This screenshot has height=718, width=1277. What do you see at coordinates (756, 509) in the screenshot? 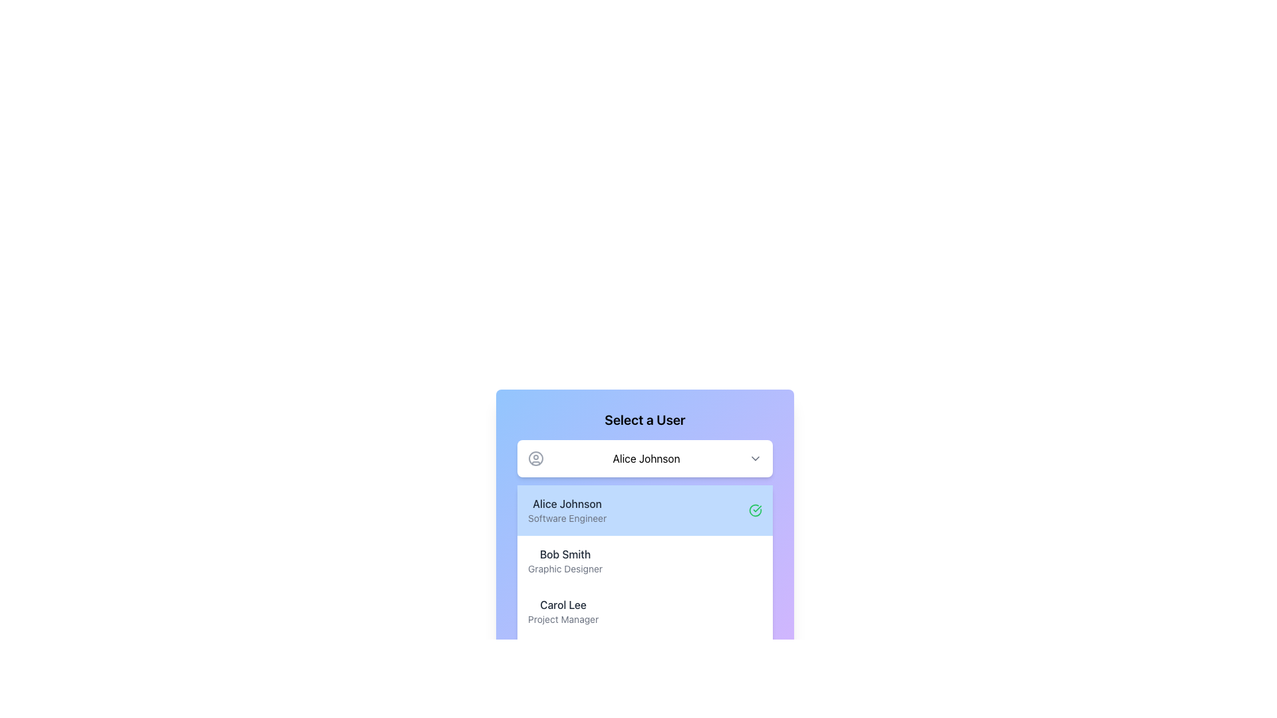
I see `the green circular icon with a checkmark inside, located to the right of 'Alice Johnson' in the dropdown under 'Select a User'` at bounding box center [756, 509].